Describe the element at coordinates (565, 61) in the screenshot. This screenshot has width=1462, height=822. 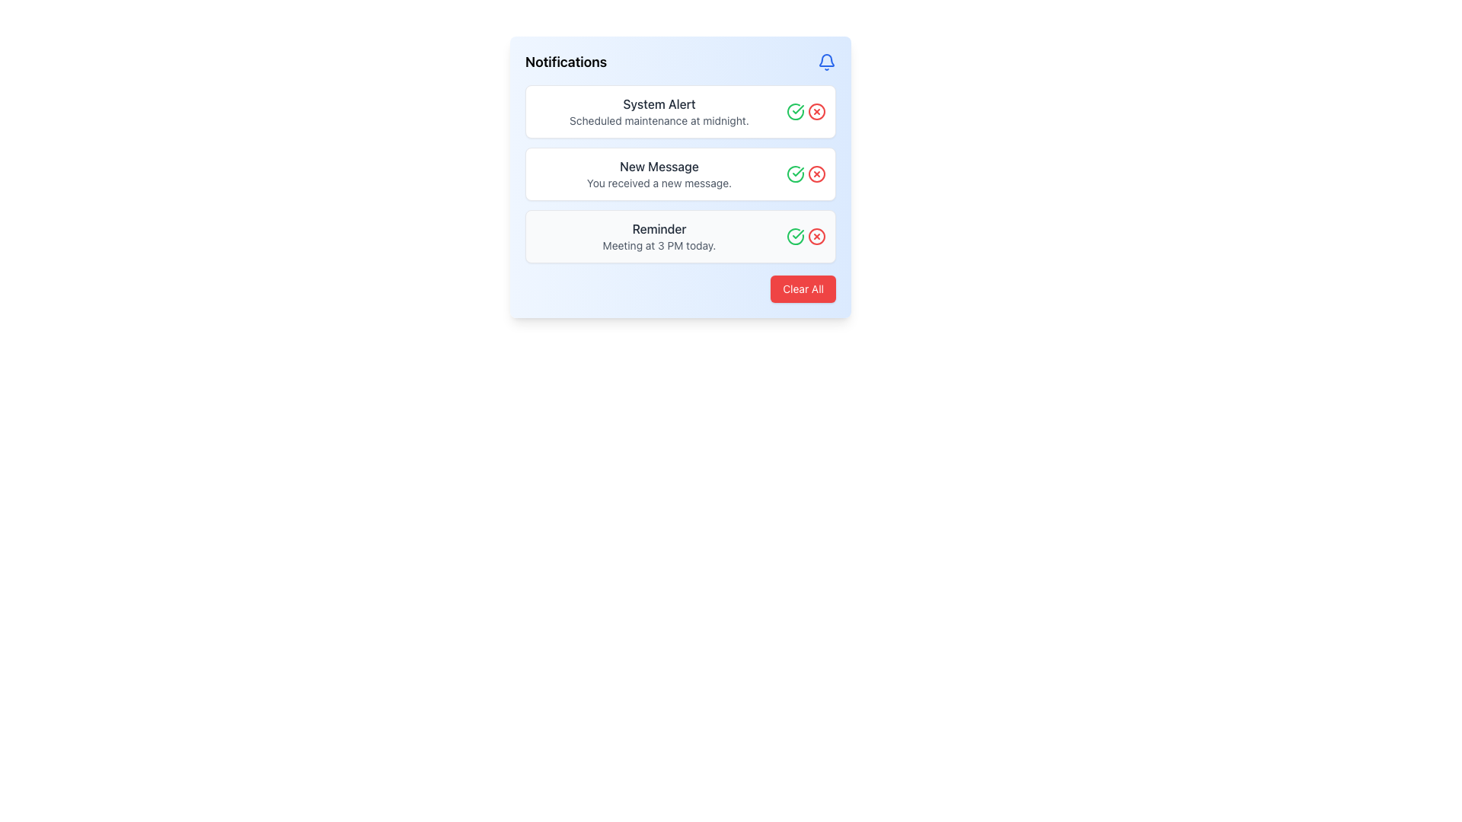
I see `the text label that serves as the title for the card related to notifications, located at the top-left corner of the card layout` at that location.